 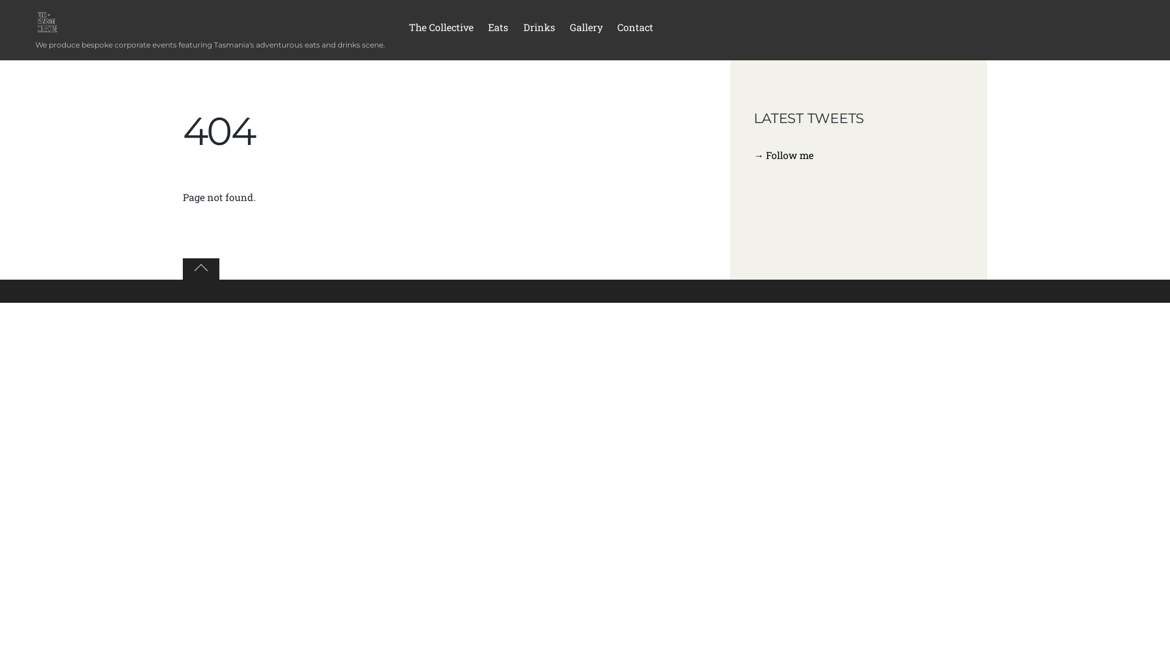 What do you see at coordinates (481, 29) in the screenshot?
I see `'Eats'` at bounding box center [481, 29].